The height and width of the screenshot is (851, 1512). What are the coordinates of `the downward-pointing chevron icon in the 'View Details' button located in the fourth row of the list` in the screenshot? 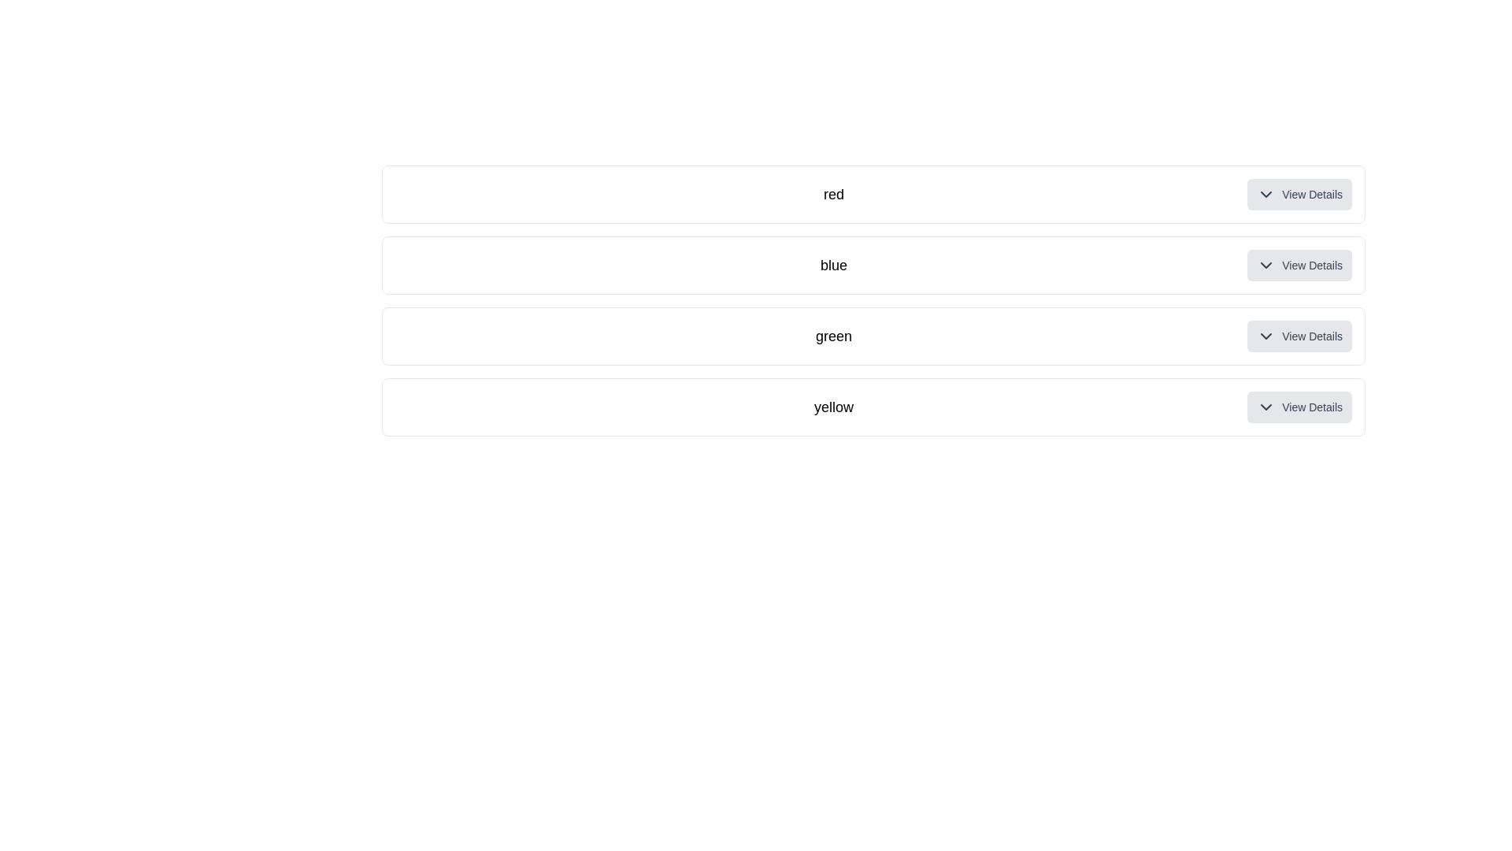 It's located at (1266, 406).